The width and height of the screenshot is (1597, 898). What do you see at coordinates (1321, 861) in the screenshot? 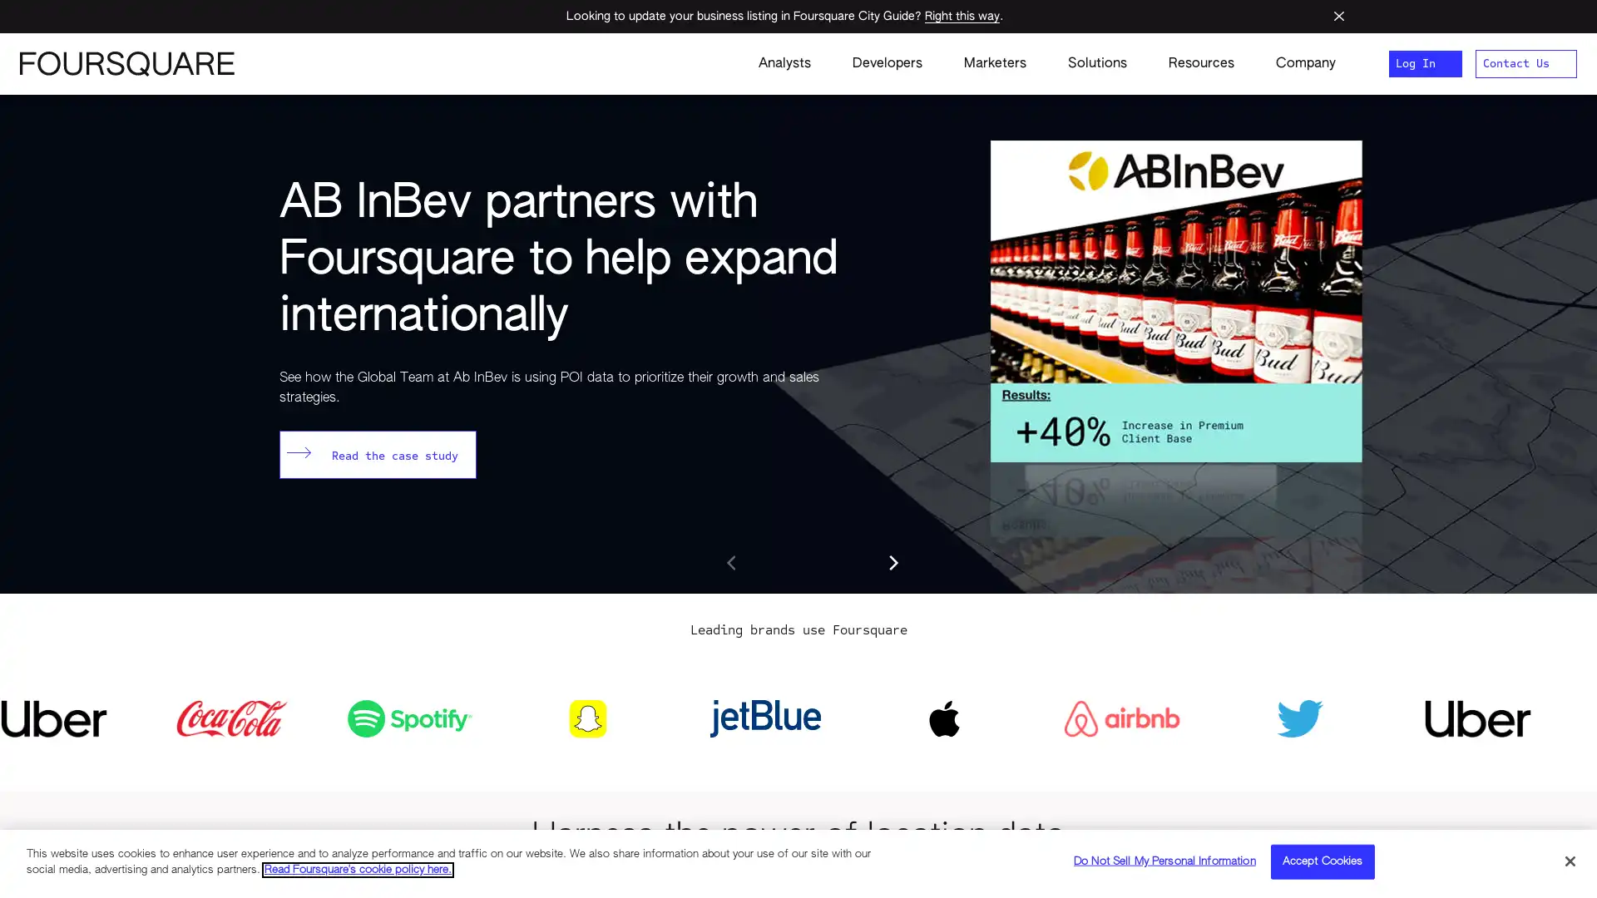
I see `Accept Cookies` at bounding box center [1321, 861].